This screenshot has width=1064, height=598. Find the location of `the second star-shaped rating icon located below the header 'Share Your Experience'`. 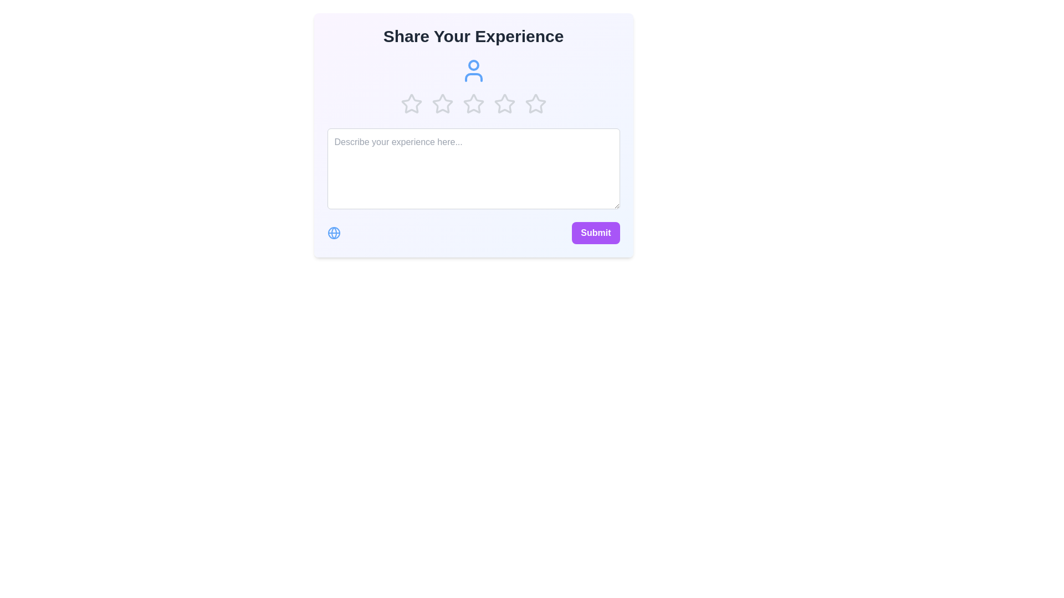

the second star-shaped rating icon located below the header 'Share Your Experience' is located at coordinates (473, 104).